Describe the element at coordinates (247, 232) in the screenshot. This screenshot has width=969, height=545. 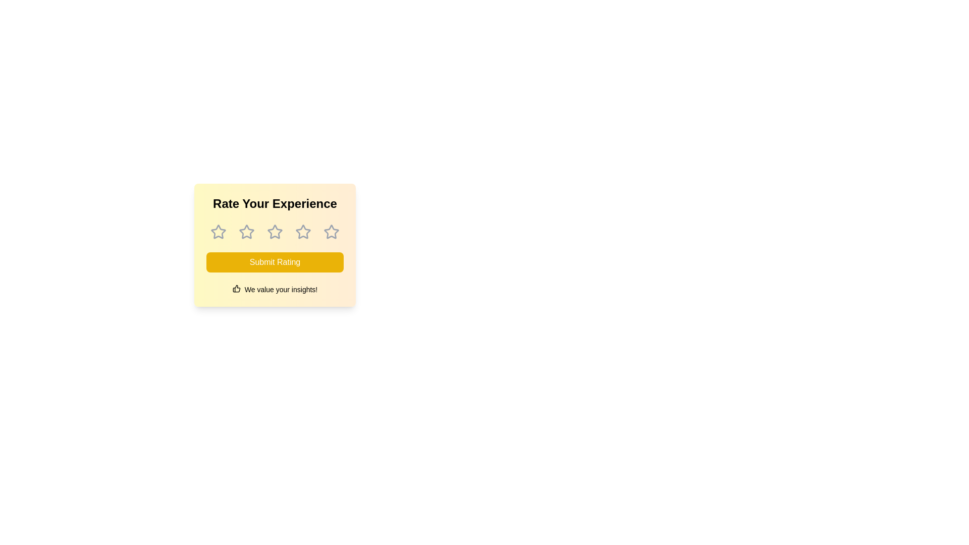
I see `the second star icon in the interactive rating component` at that location.